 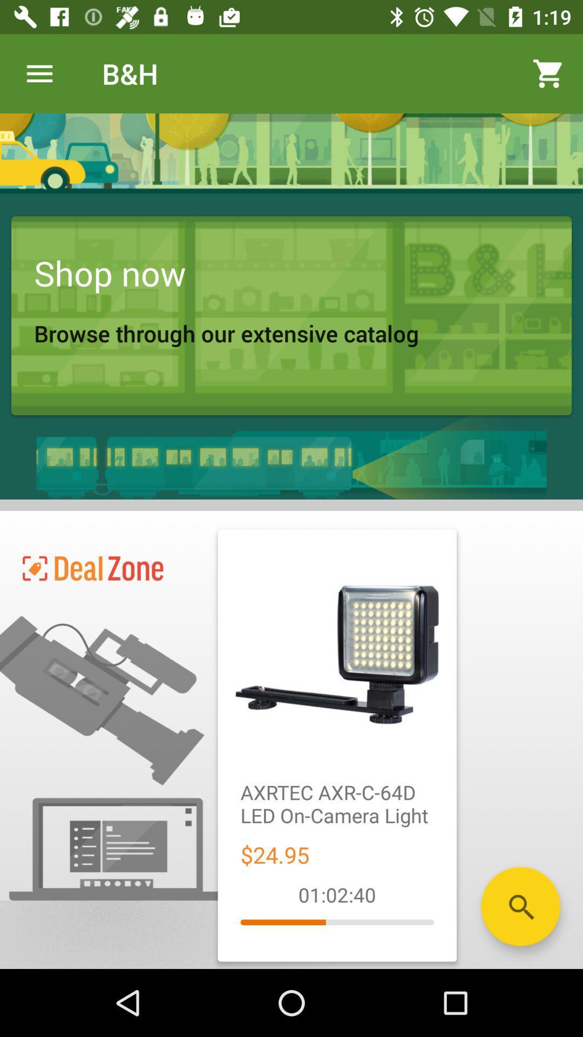 What do you see at coordinates (520, 906) in the screenshot?
I see `the search icon` at bounding box center [520, 906].